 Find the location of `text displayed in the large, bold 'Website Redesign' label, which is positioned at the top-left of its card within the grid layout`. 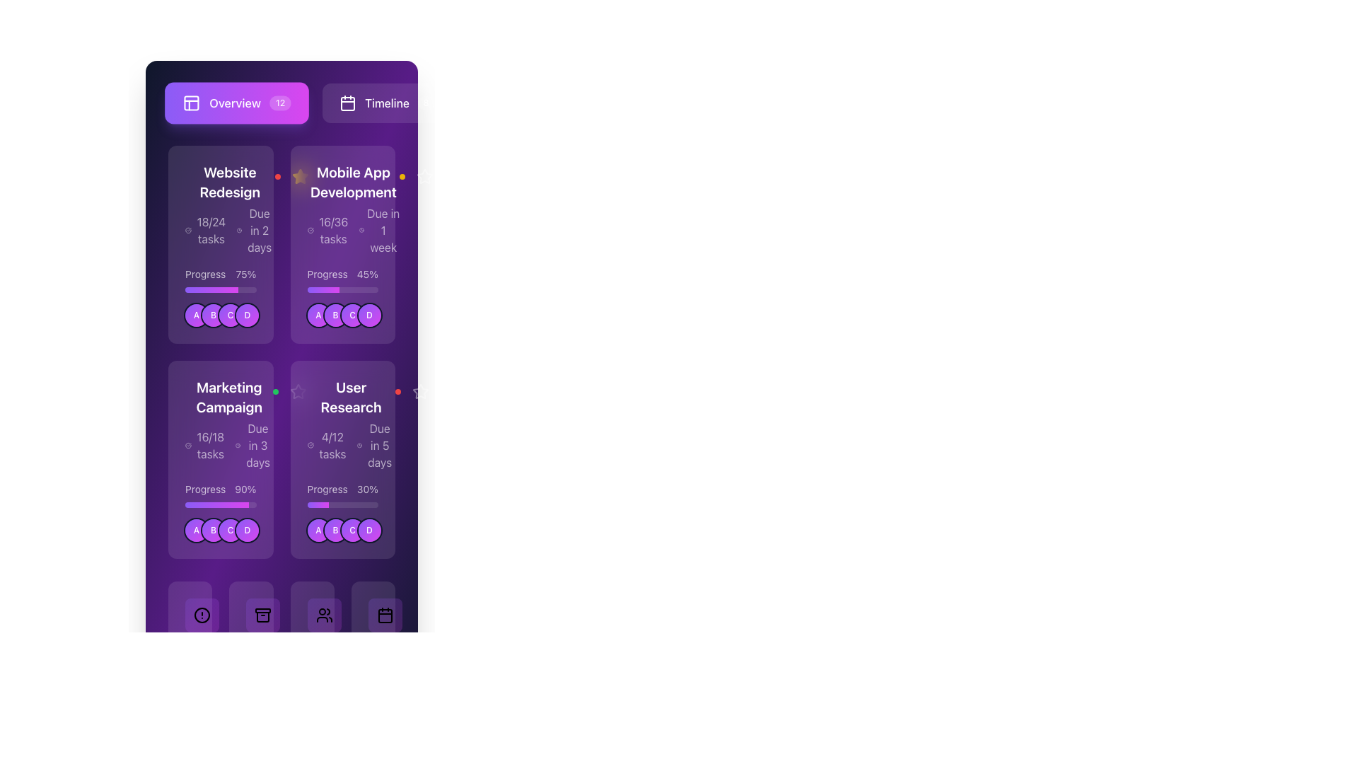

text displayed in the large, bold 'Website Redesign' label, which is positioned at the top-left of its card within the grid layout is located at coordinates (230, 182).